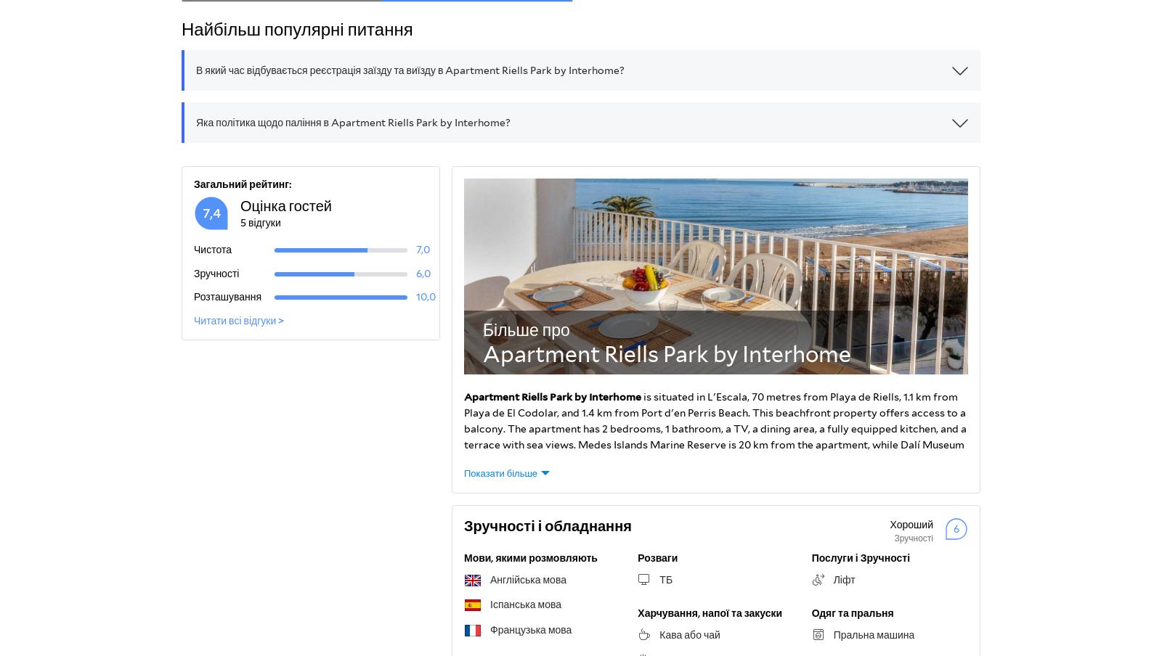  Describe the element at coordinates (415, 248) in the screenshot. I see `'7,0'` at that location.